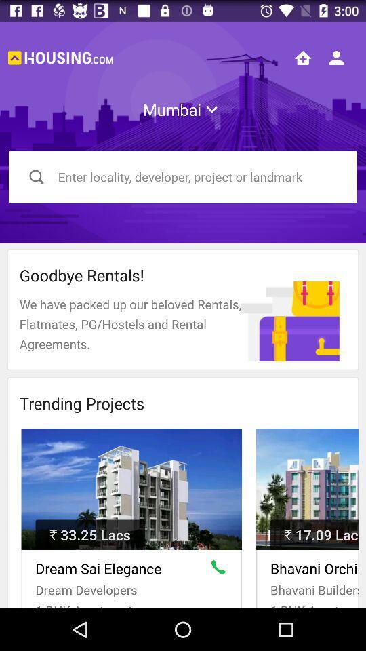  I want to click on the home icon, so click(303, 58).